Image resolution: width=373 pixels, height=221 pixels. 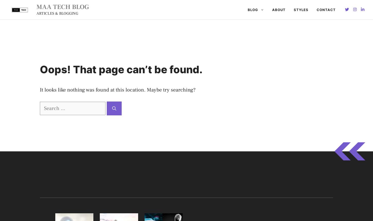 What do you see at coordinates (186, 54) in the screenshot?
I see `'Business'` at bounding box center [186, 54].